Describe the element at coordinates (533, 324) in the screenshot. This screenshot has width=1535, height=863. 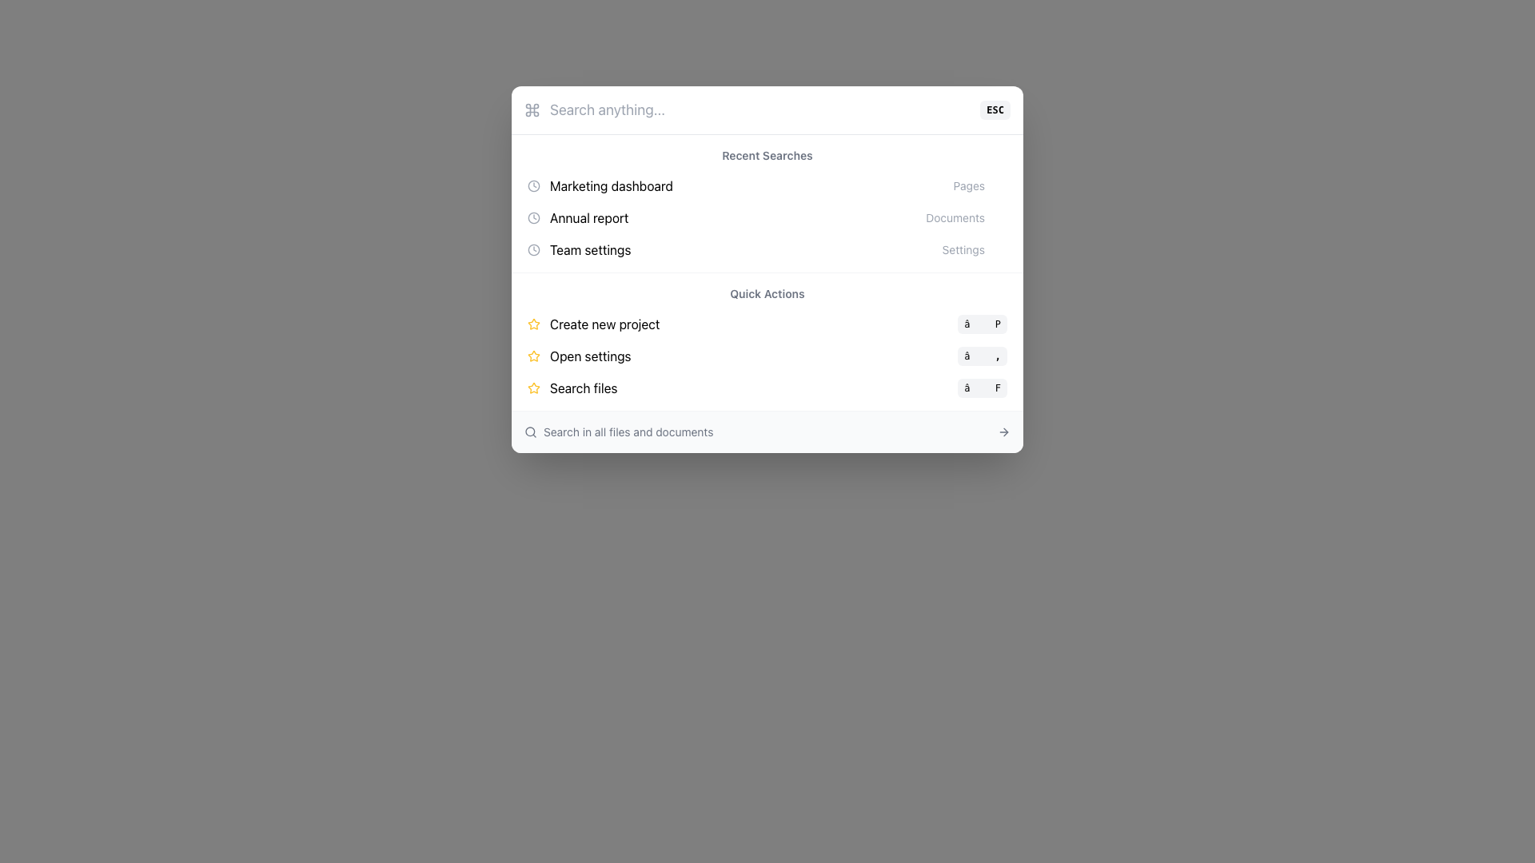
I see `the small star-shaped icon outlined in amber or yellow, located to the left of the text 'Create new project' in the 'Quick Actions' section of the modal window` at that location.